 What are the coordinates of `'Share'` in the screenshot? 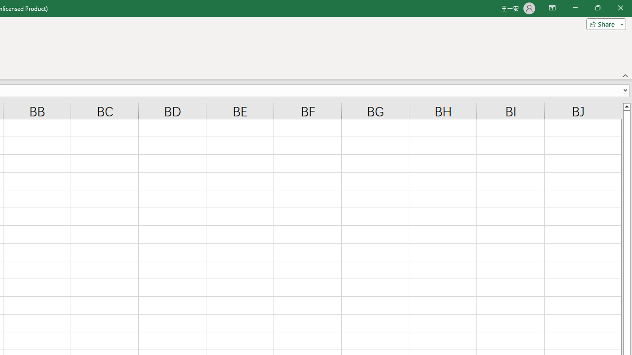 It's located at (603, 23).